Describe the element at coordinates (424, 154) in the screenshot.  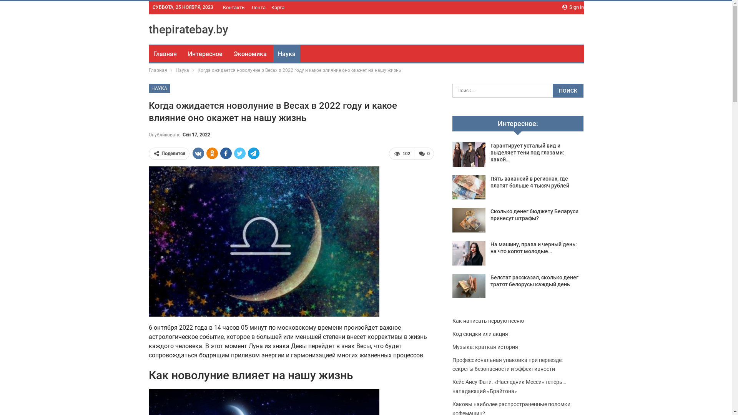
I see `'0'` at that location.